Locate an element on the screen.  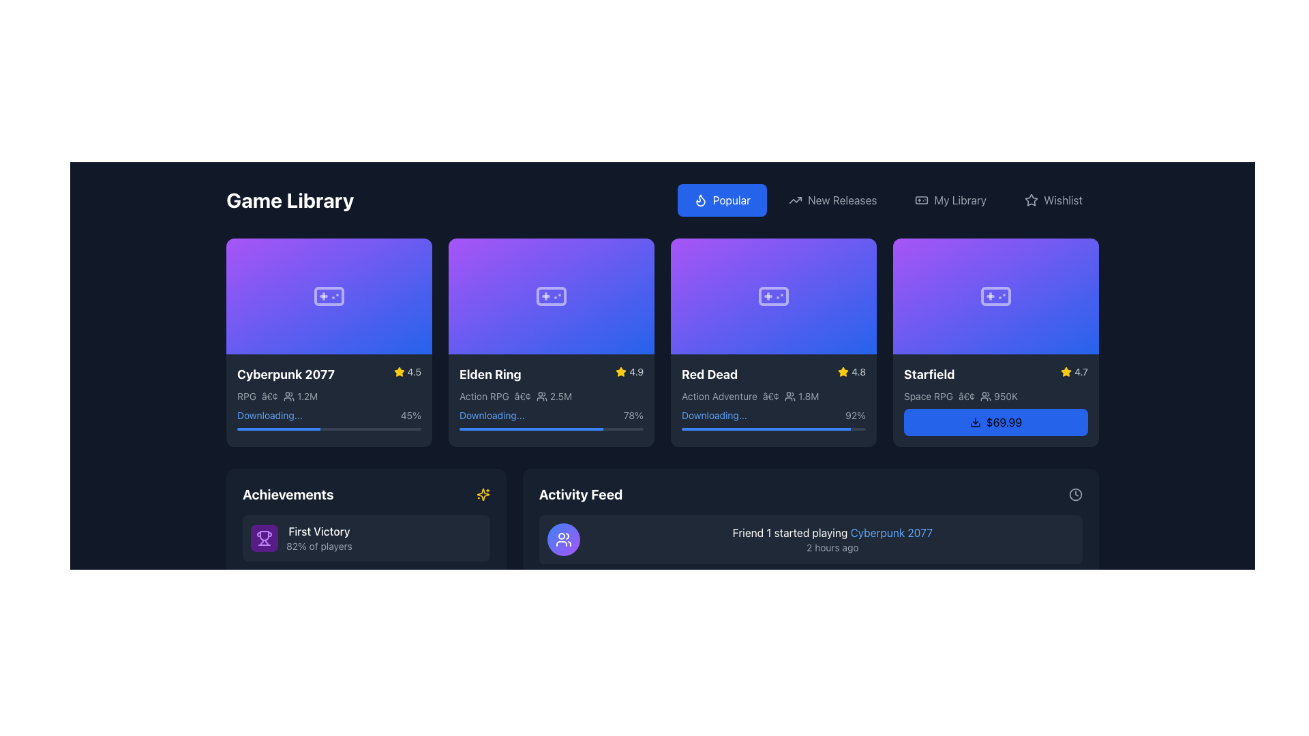
the numeric rating display for the 'Starfield' card item, located to the right of the star icon in the 'Game Library' section is located at coordinates (1081, 371).